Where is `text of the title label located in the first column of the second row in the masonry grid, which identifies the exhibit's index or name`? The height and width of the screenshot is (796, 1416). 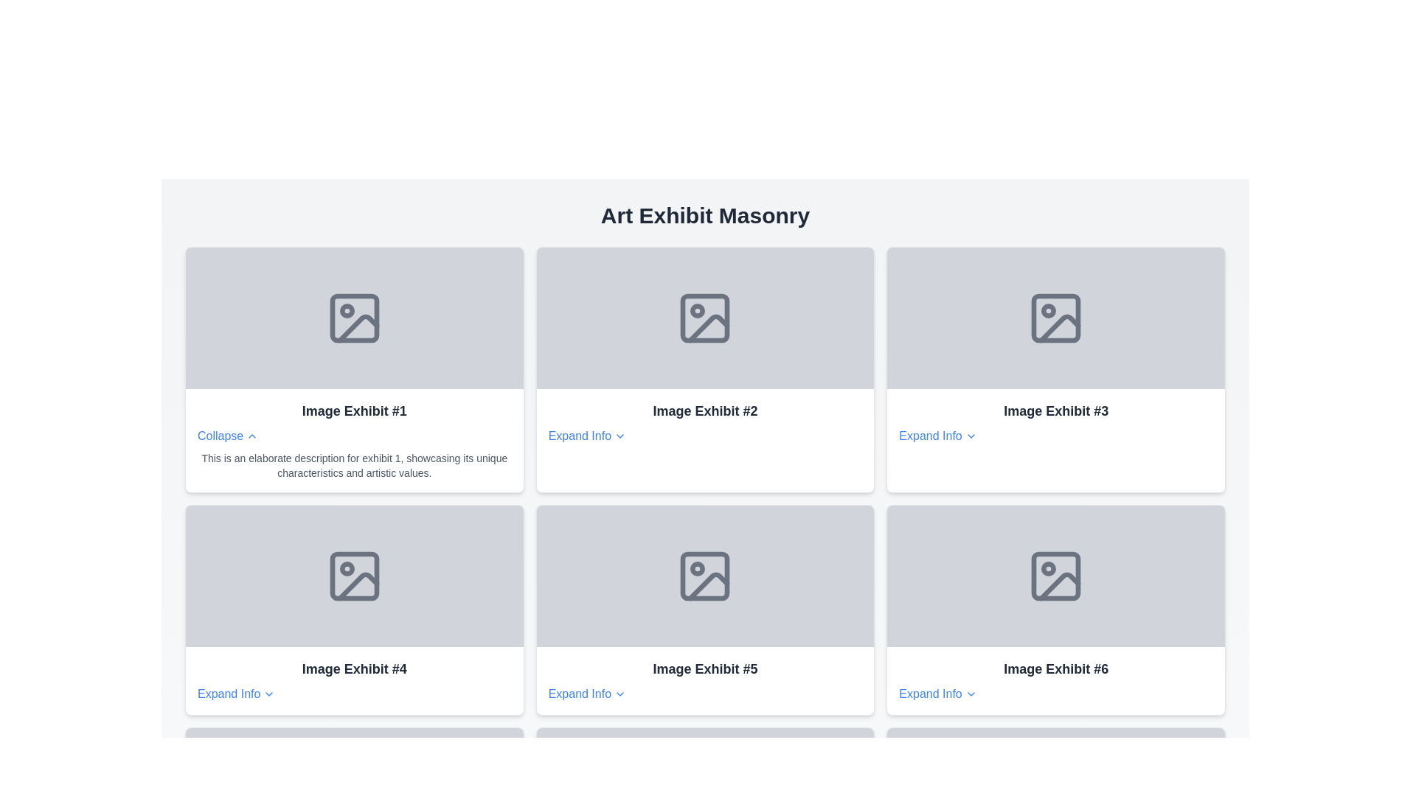
text of the title label located in the first column of the second row in the masonry grid, which identifies the exhibit's index or name is located at coordinates (354, 668).